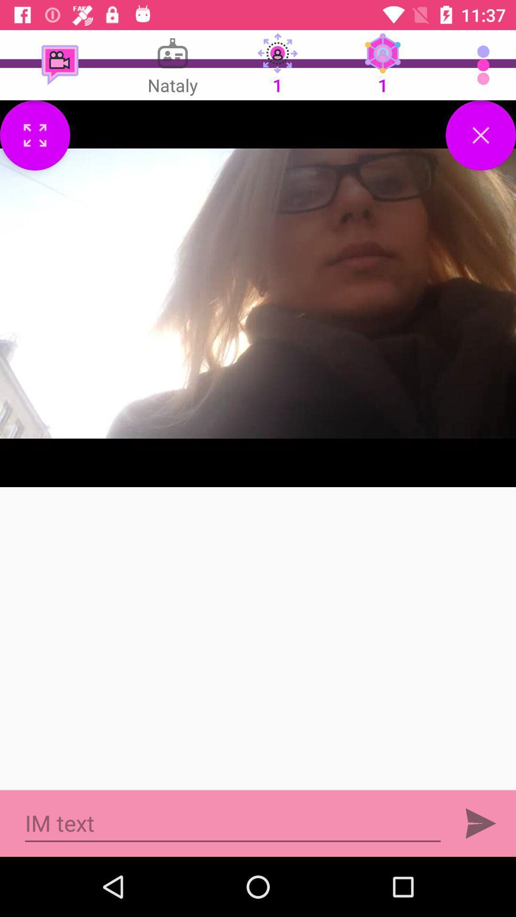  I want to click on exit, so click(481, 135).